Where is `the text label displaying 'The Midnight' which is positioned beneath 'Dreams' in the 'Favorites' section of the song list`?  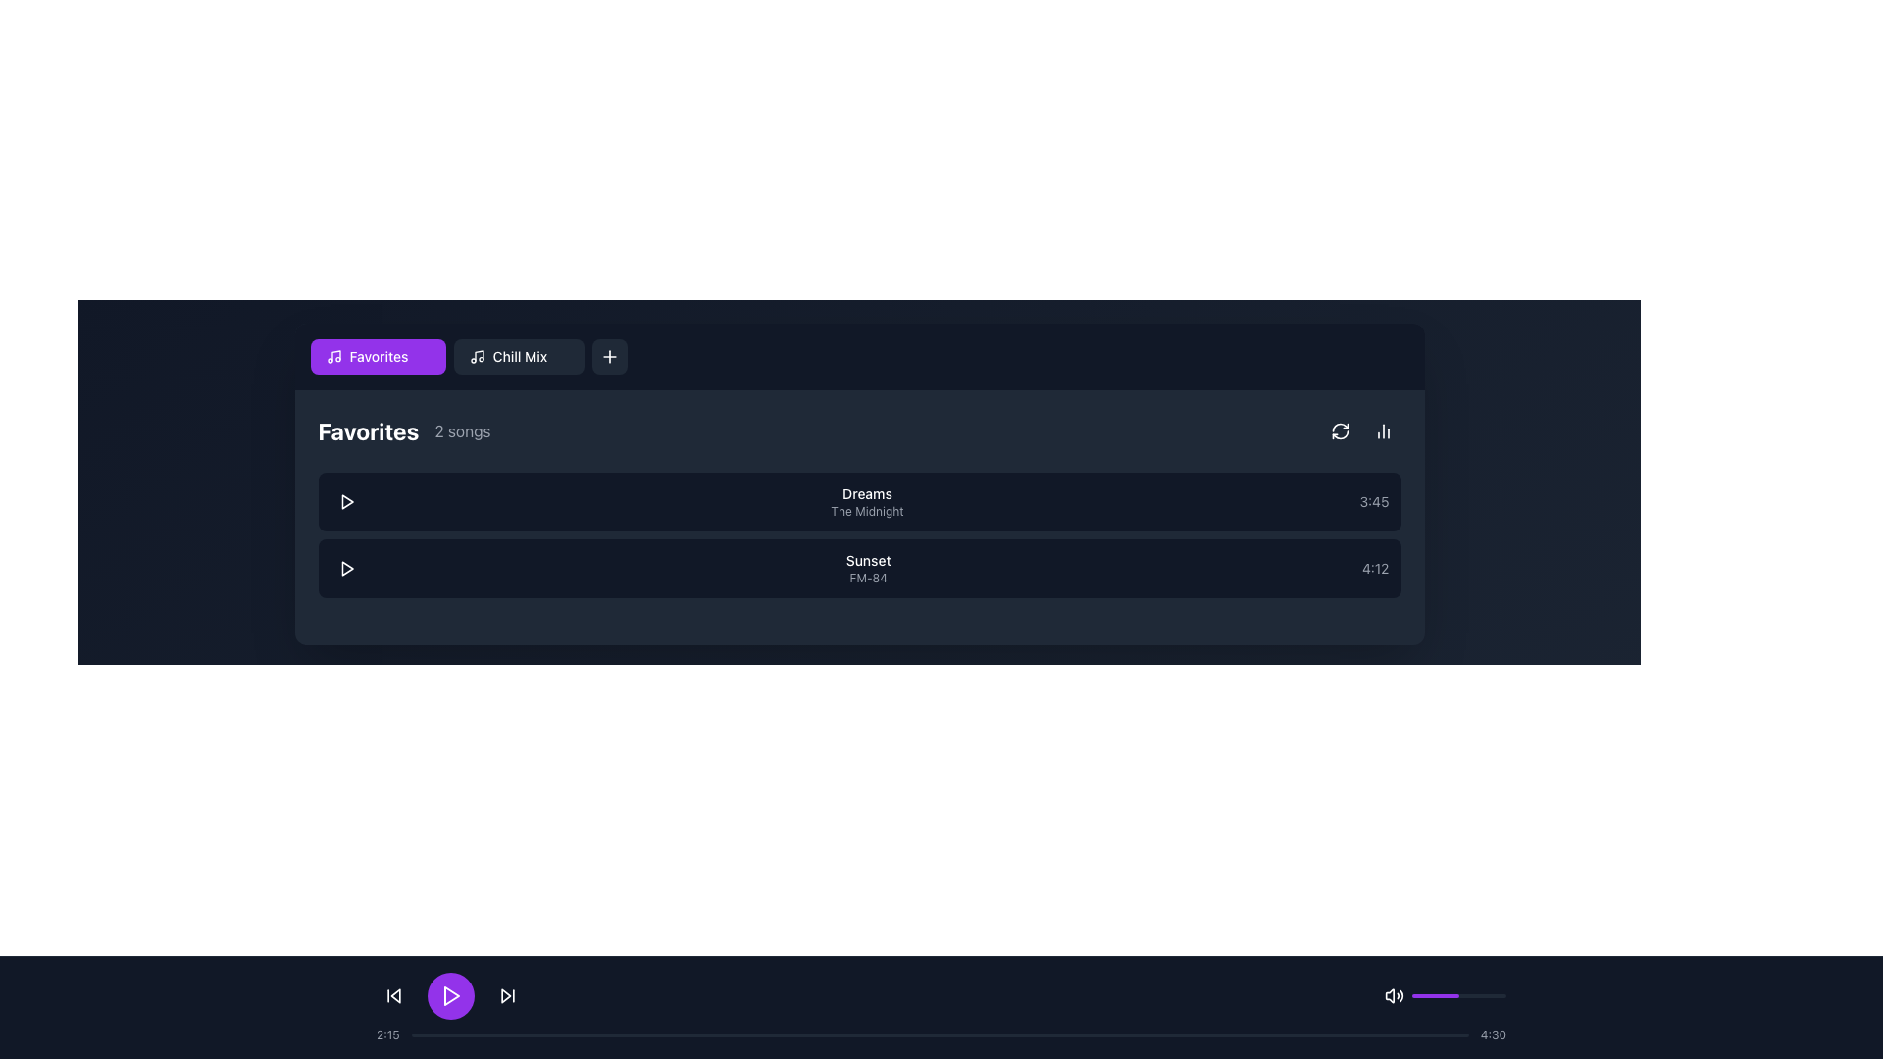
the text label displaying 'The Midnight' which is positioned beneath 'Dreams' in the 'Favorites' section of the song list is located at coordinates (866, 510).